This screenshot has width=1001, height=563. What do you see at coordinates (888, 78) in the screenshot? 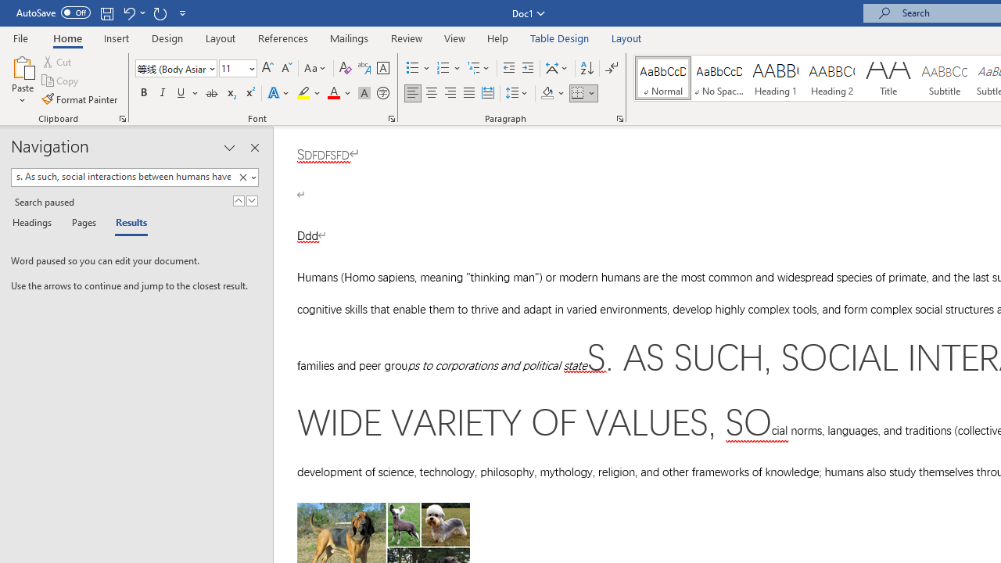
I see `'Title'` at bounding box center [888, 78].